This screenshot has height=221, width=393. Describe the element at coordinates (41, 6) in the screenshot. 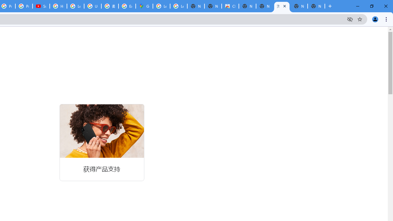

I see `'Subscriptions - YouTube'` at that location.